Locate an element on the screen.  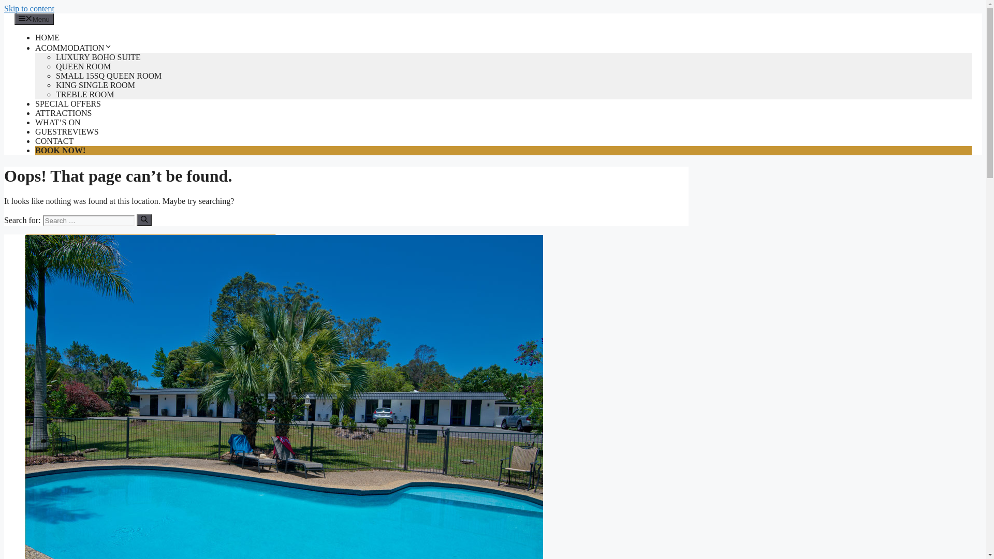
'BOOK NOW!' is located at coordinates (60, 150).